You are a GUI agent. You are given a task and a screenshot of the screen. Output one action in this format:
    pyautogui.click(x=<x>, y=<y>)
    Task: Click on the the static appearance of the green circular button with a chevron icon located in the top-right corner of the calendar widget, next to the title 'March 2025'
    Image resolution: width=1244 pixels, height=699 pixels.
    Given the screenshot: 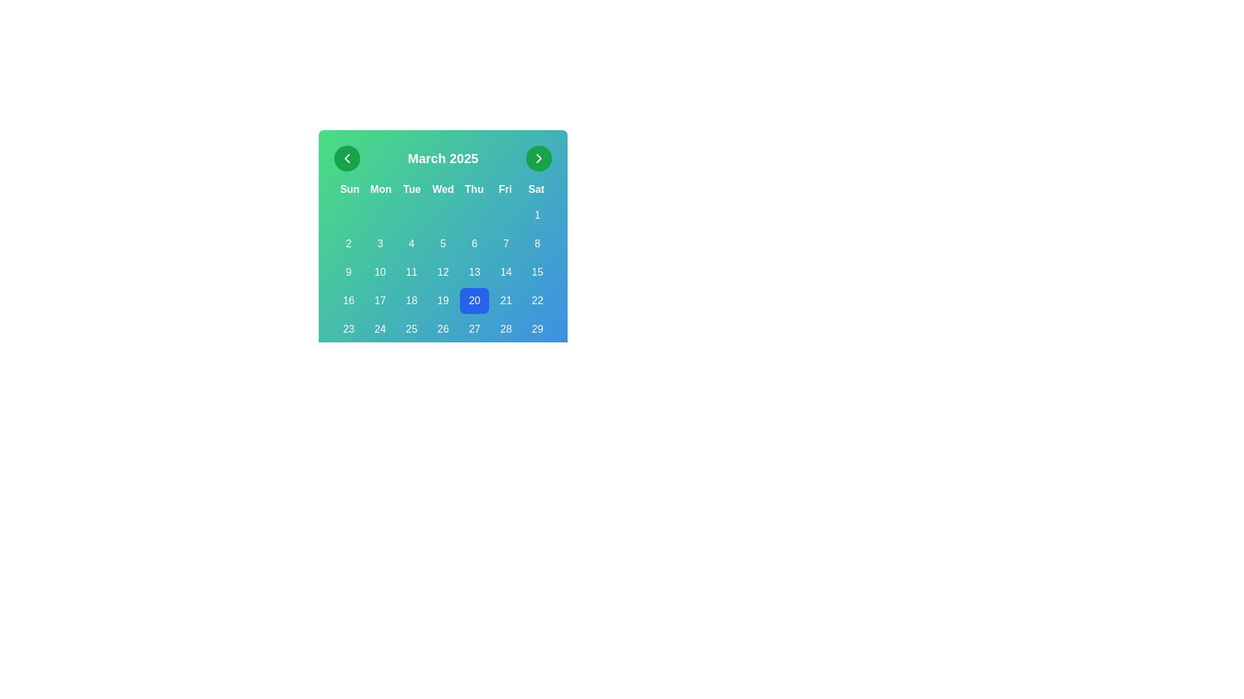 What is the action you would take?
    pyautogui.click(x=538, y=158)
    